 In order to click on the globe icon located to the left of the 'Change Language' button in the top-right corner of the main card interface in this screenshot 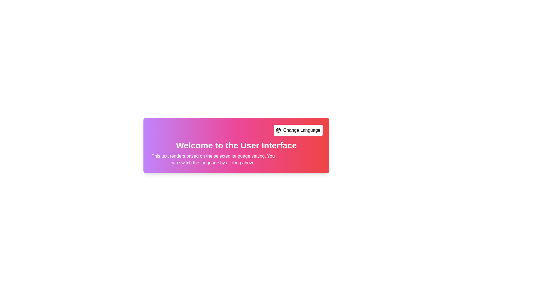, I will do `click(278, 130)`.